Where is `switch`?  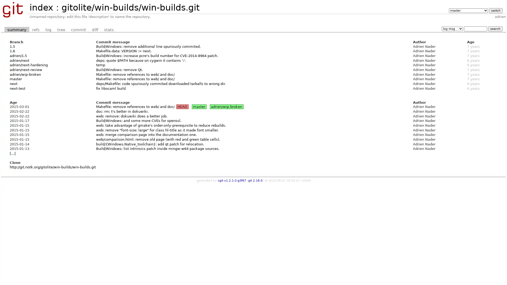 switch is located at coordinates (495, 11).